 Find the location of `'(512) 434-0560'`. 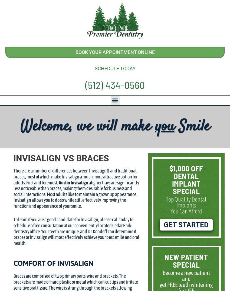

'(512) 434-0560' is located at coordinates (115, 84).